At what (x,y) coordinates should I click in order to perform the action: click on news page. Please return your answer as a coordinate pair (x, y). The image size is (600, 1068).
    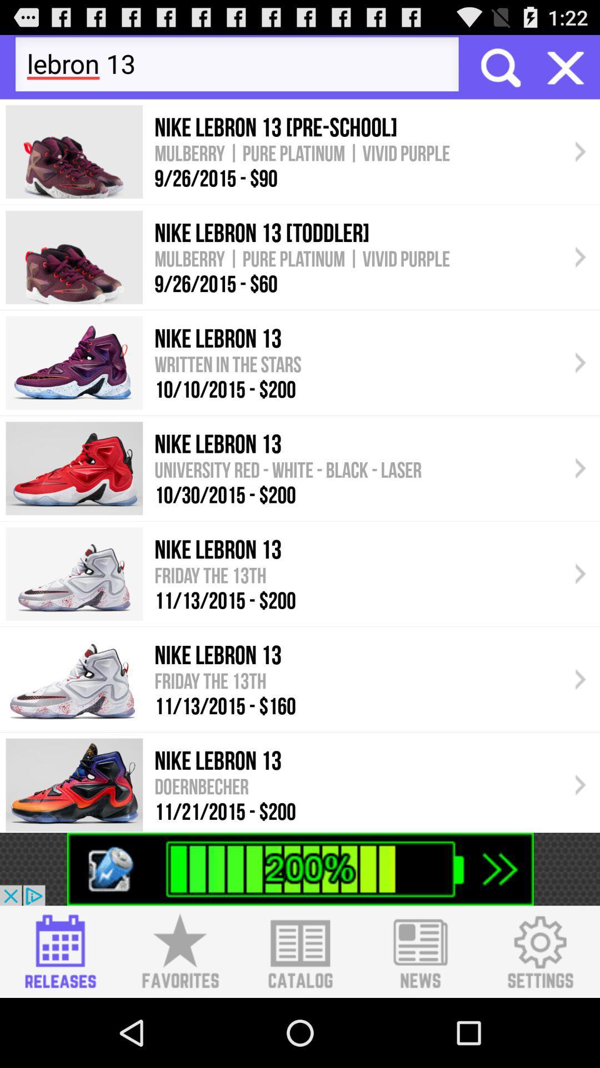
    Looking at the image, I should click on (420, 951).